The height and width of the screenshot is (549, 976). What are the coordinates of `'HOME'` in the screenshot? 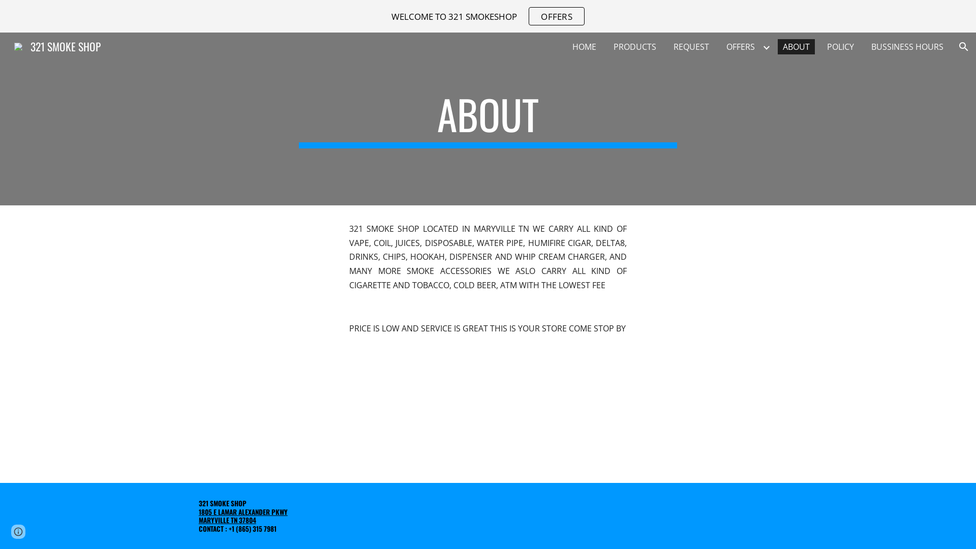 It's located at (584, 47).